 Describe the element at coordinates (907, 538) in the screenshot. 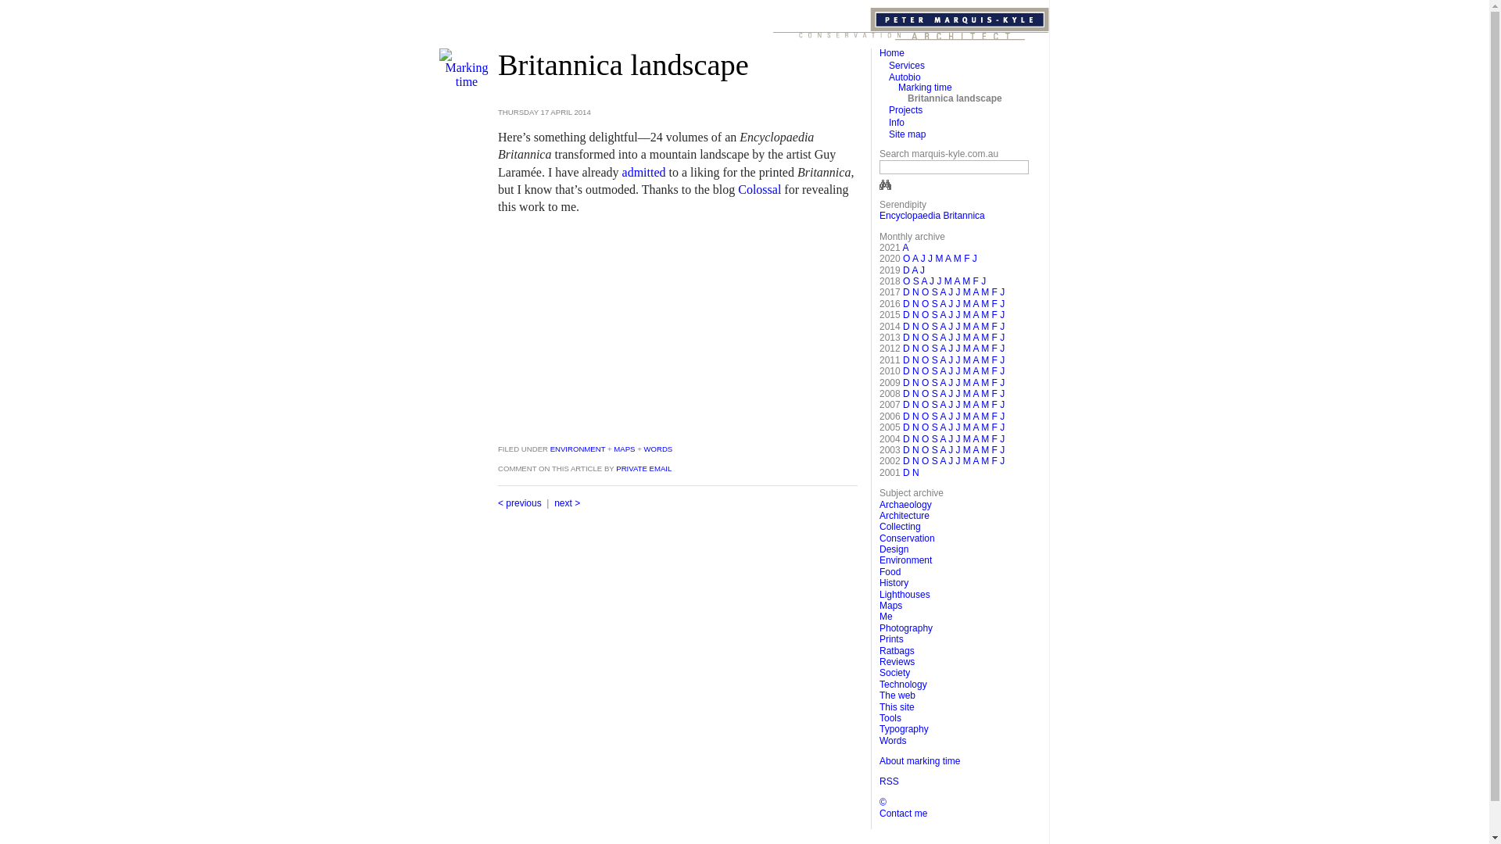

I see `'Conservation'` at that location.